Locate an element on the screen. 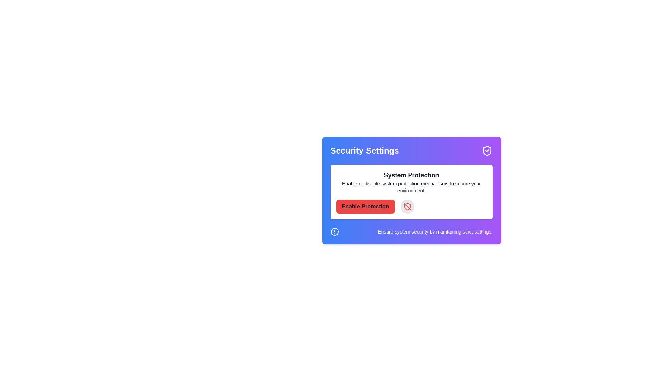  the bold, dark text label reading 'System Protection' at the top of the 'Security Settings' card, which is displayed prominently on a white panel is located at coordinates (411, 175).